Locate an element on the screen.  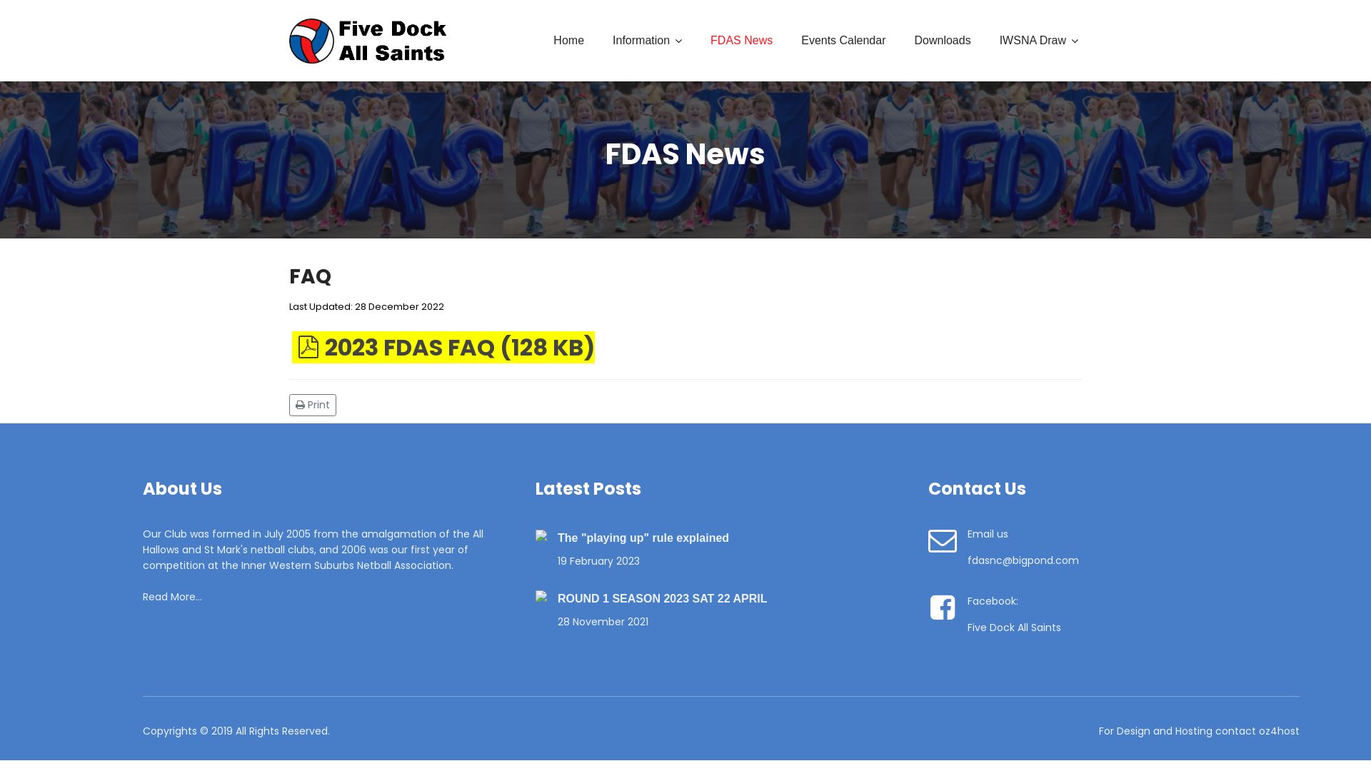
'Print' is located at coordinates (288, 404).